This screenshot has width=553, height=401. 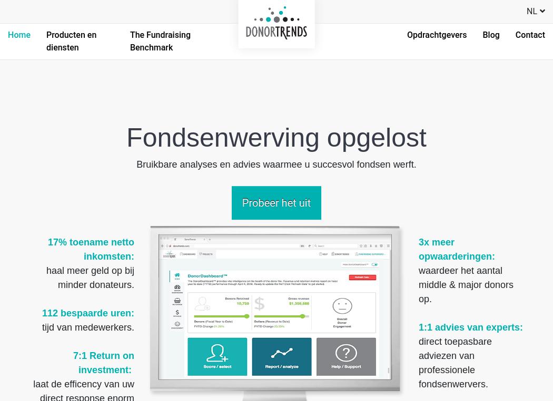 What do you see at coordinates (47, 249) in the screenshot?
I see `'17% toename netto inkomsten:'` at bounding box center [47, 249].